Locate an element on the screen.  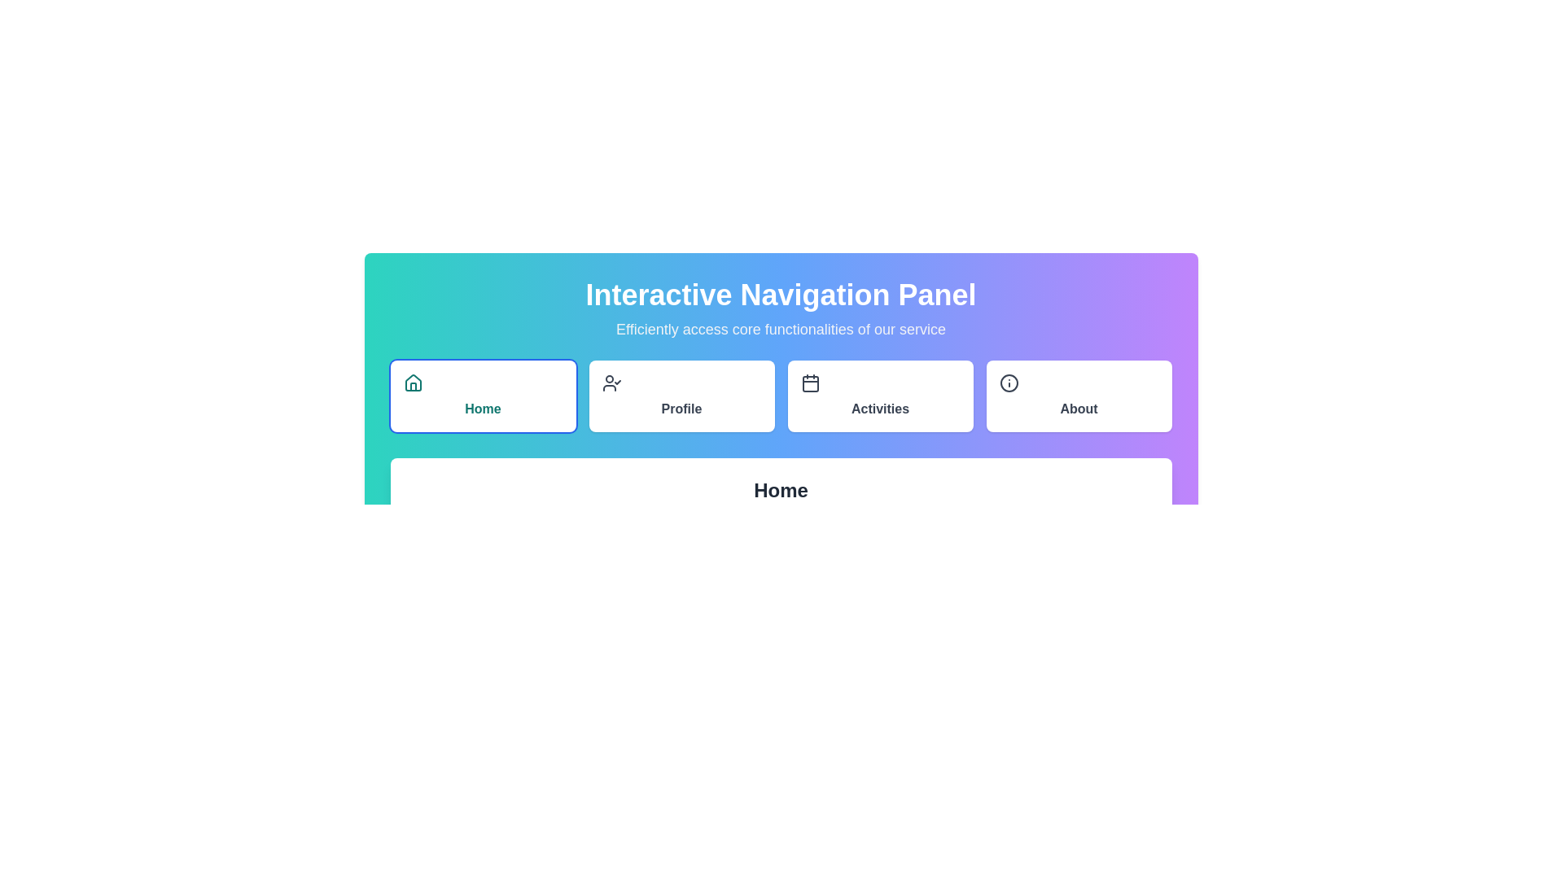
the house outline icon located in the leftmost navigation panel item labeled 'Home' is located at coordinates (413, 383).